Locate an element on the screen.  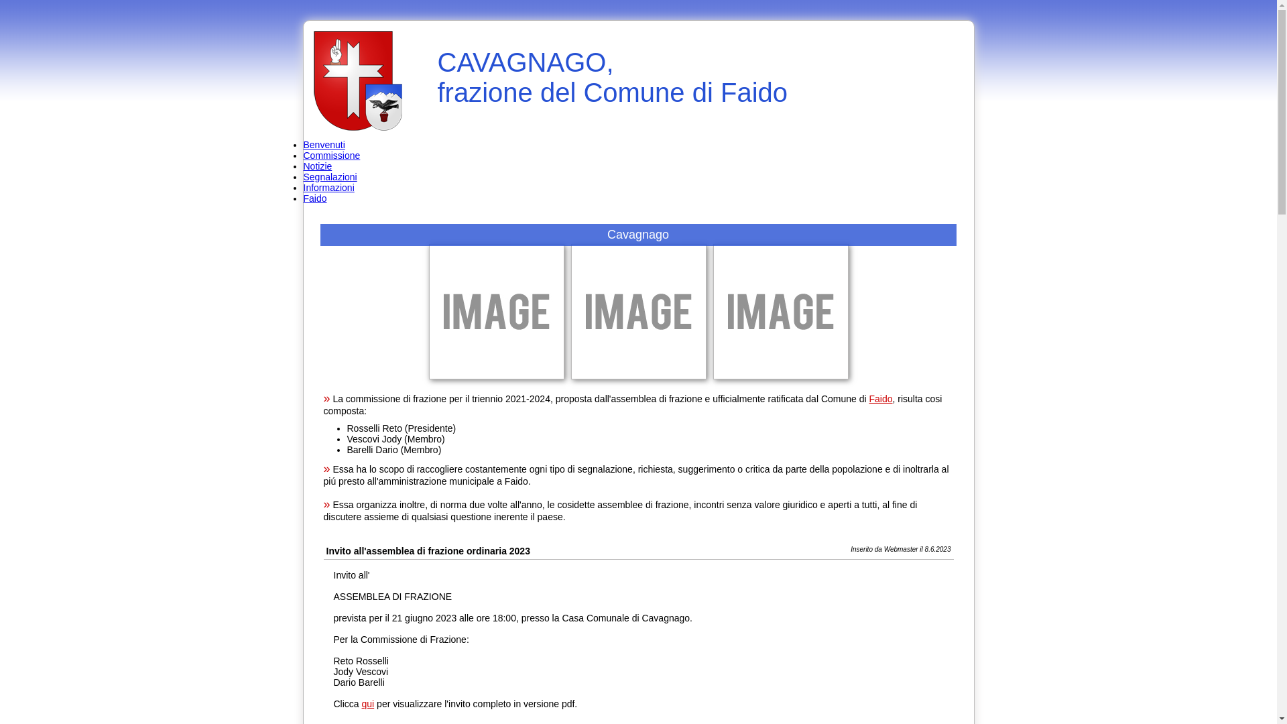
'Benvenuti' is located at coordinates (324, 145).